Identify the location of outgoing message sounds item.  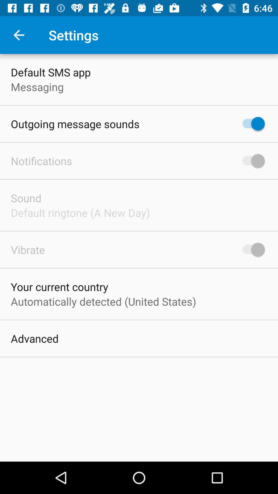
(75, 124).